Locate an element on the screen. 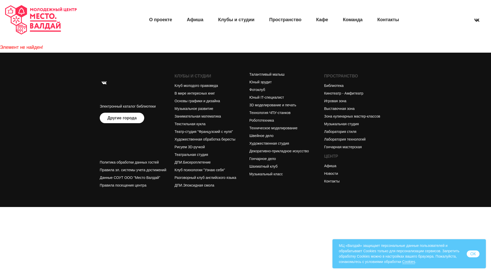 The width and height of the screenshot is (491, 276). 'Cookies' is located at coordinates (408, 262).